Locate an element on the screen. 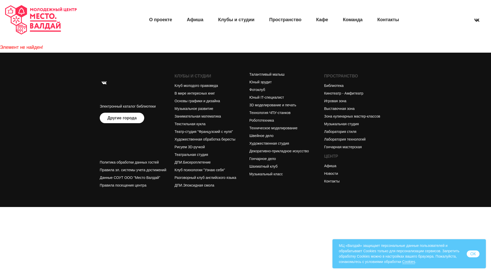 The width and height of the screenshot is (491, 276). 'Cookies' is located at coordinates (408, 262).